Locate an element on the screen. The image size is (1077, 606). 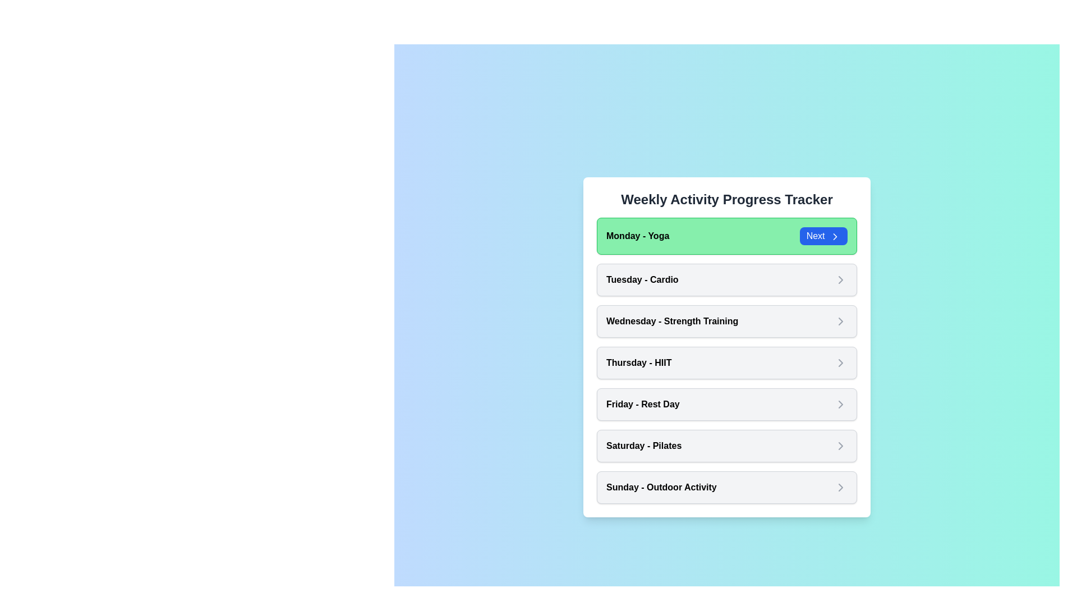
the gray chevron icon located at the far right of the 'Wednesday - Strength Training' list item is located at coordinates (840, 322).